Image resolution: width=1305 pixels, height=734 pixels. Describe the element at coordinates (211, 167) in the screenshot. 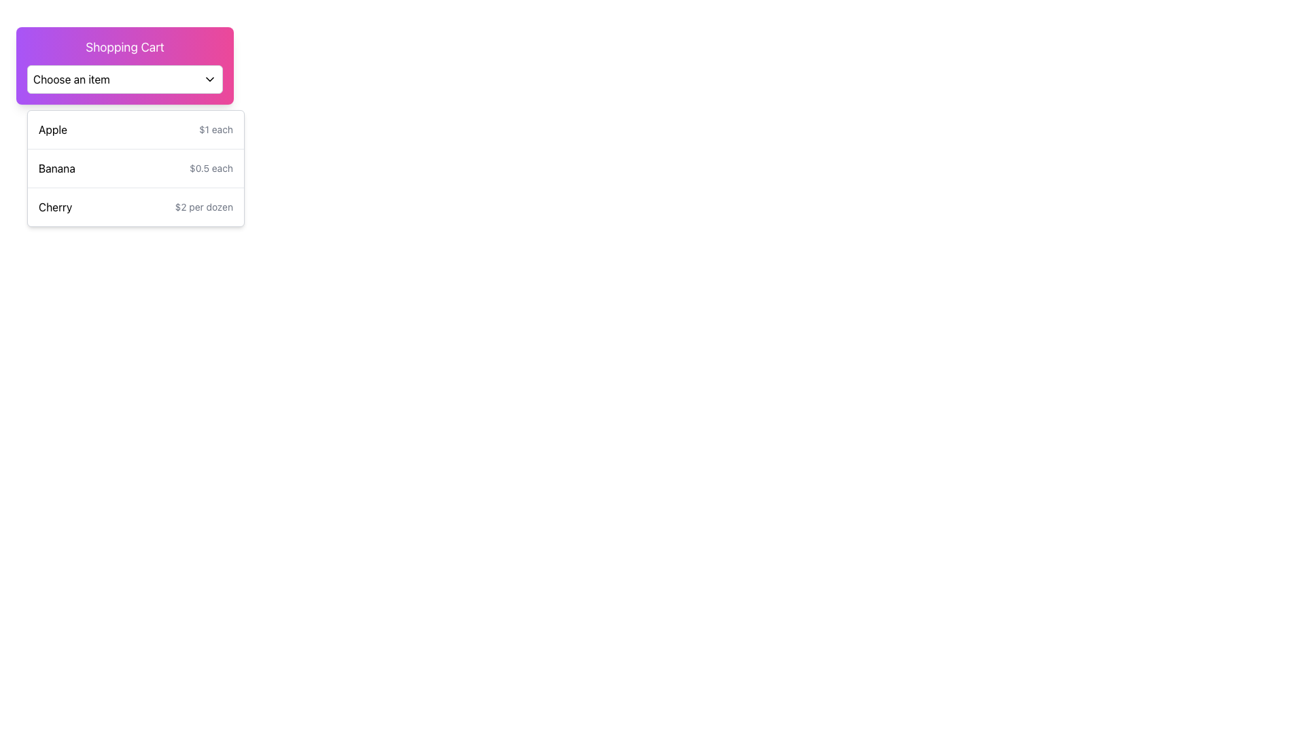

I see `the small gray text element displaying the price information '$0.5 each' located next to the 'Banana' text` at that location.